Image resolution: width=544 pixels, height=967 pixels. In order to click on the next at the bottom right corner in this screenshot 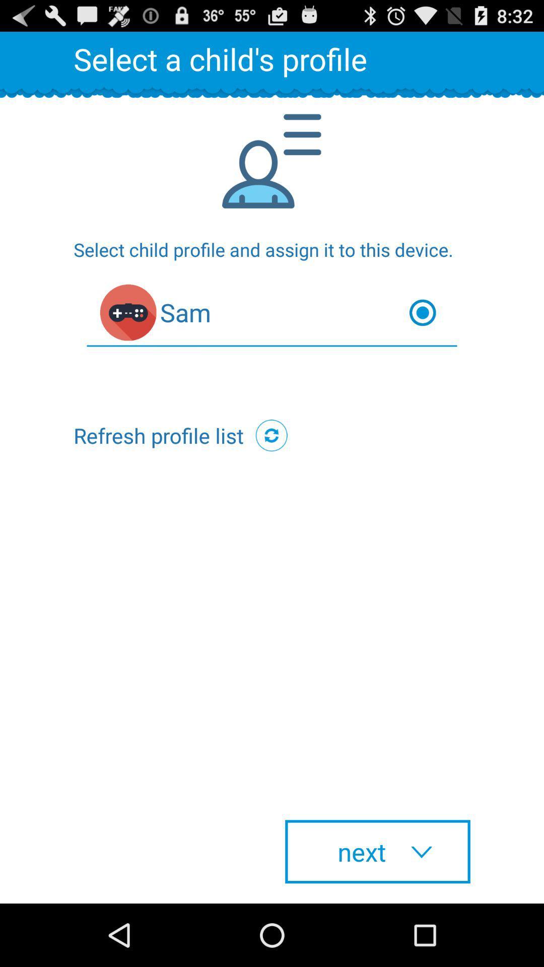, I will do `click(377, 851)`.